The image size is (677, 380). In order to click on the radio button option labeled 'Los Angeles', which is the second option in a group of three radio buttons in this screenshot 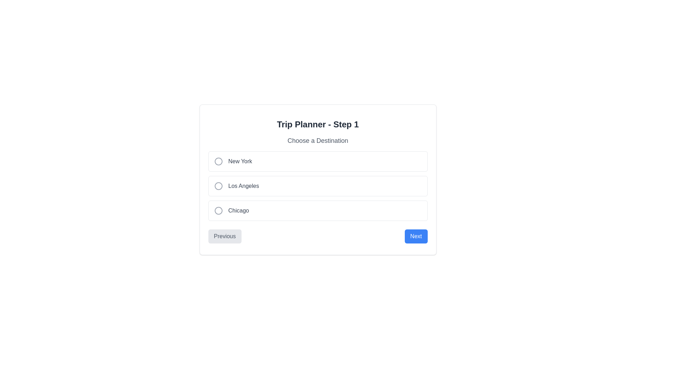, I will do `click(317, 185)`.